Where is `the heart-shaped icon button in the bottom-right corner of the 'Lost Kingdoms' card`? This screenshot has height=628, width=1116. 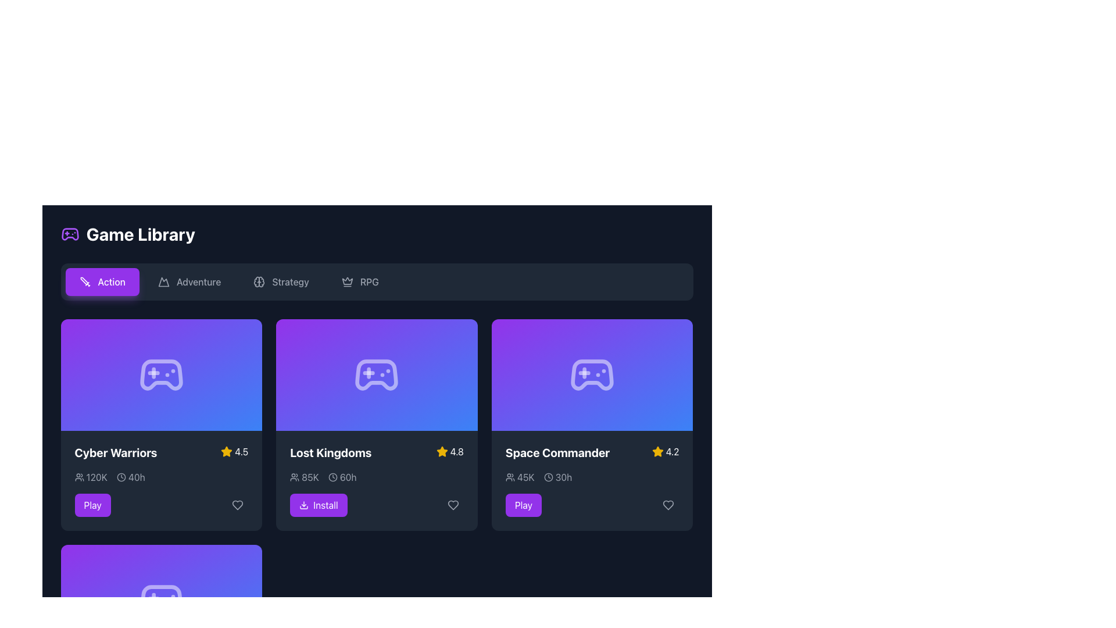 the heart-shaped icon button in the bottom-right corner of the 'Lost Kingdoms' card is located at coordinates (452, 504).